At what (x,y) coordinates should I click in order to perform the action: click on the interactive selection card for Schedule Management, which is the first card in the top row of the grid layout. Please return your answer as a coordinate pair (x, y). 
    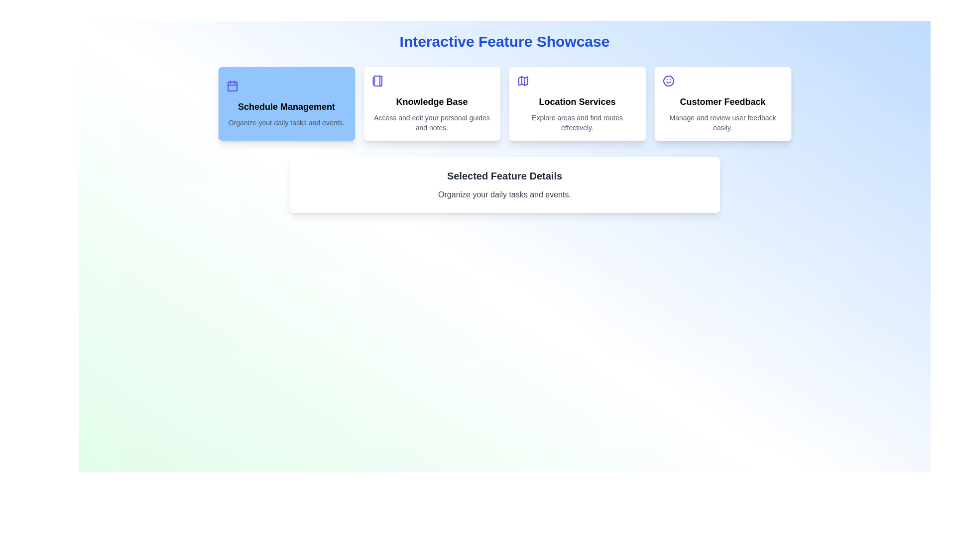
    Looking at the image, I should click on (286, 103).